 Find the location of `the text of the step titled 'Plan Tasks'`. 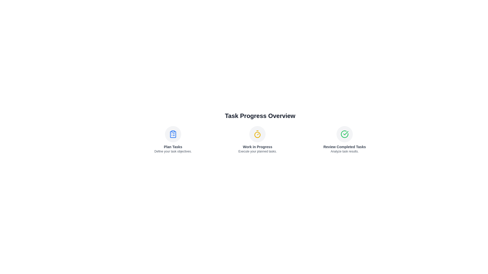

the text of the step titled 'Plan Tasks' is located at coordinates (173, 147).